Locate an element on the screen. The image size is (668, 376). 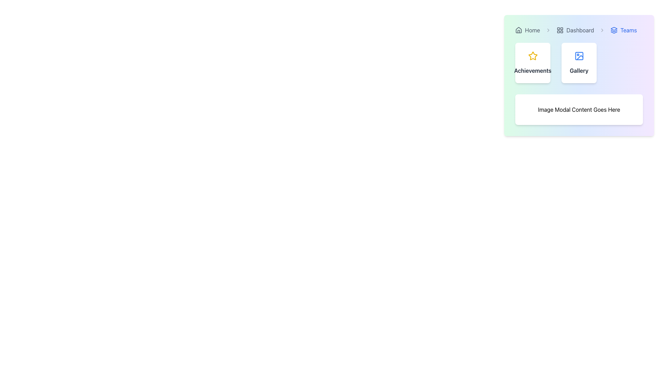
the text label reading 'Home' located near the top of the navigation bar, which is gray and in a standard sans-serif font is located at coordinates (532, 30).